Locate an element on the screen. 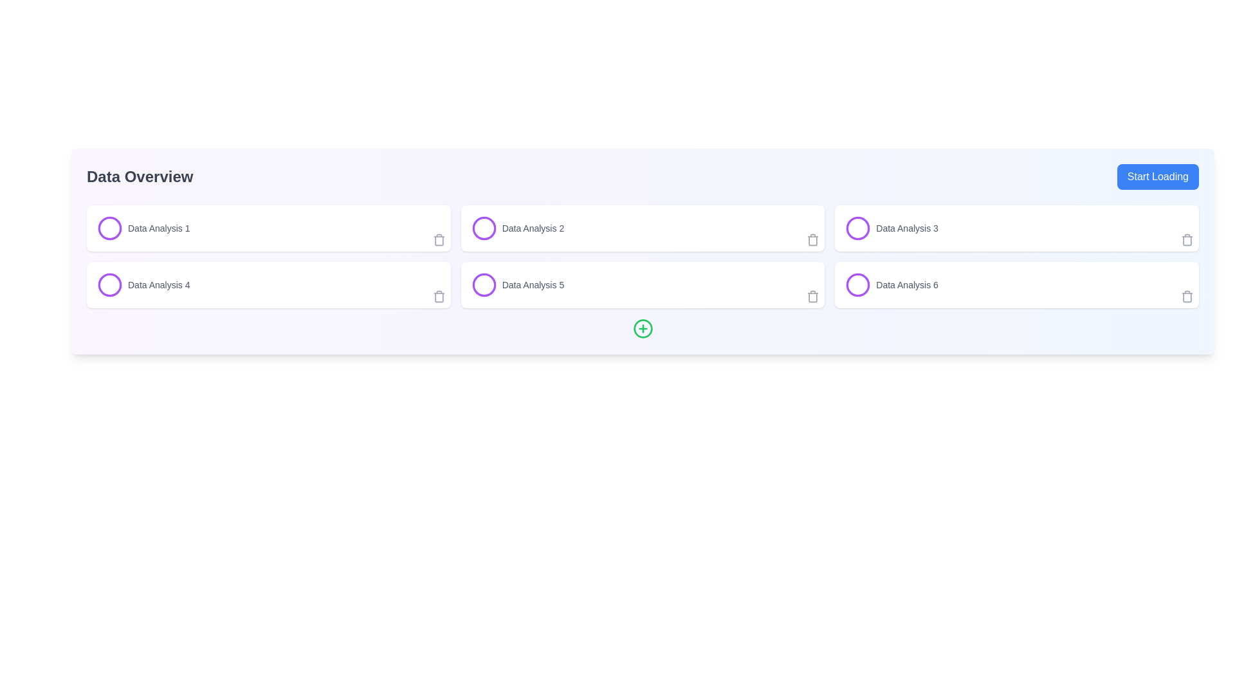 The width and height of the screenshot is (1235, 695). the text label 'Data Analysis 2' which is styled with medium font weight and positioned to the right of a purple circular icon is located at coordinates (533, 227).